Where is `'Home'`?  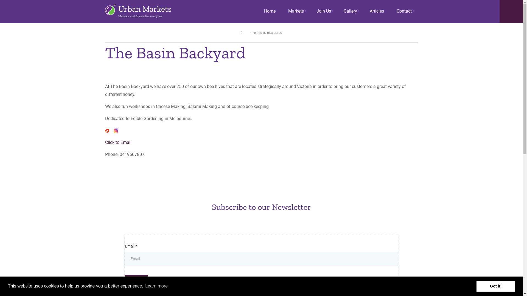 'Home' is located at coordinates (110, 10).